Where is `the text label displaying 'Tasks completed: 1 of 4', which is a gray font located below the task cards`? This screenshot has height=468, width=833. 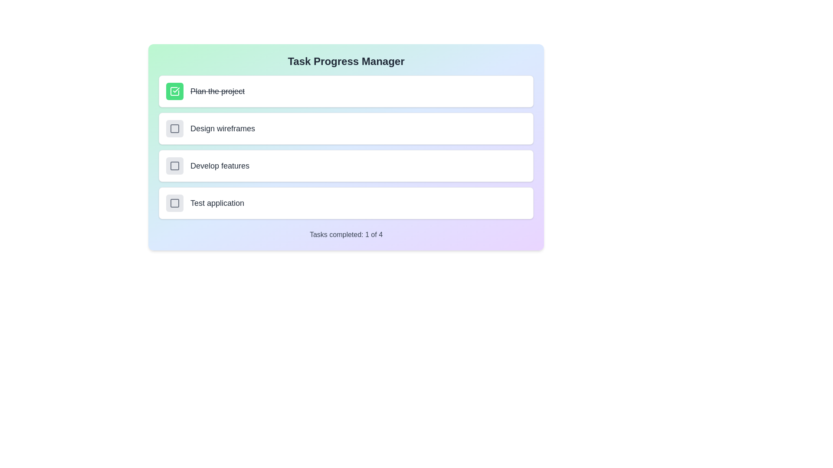
the text label displaying 'Tasks completed: 1 of 4', which is a gray font located below the task cards is located at coordinates (345, 235).